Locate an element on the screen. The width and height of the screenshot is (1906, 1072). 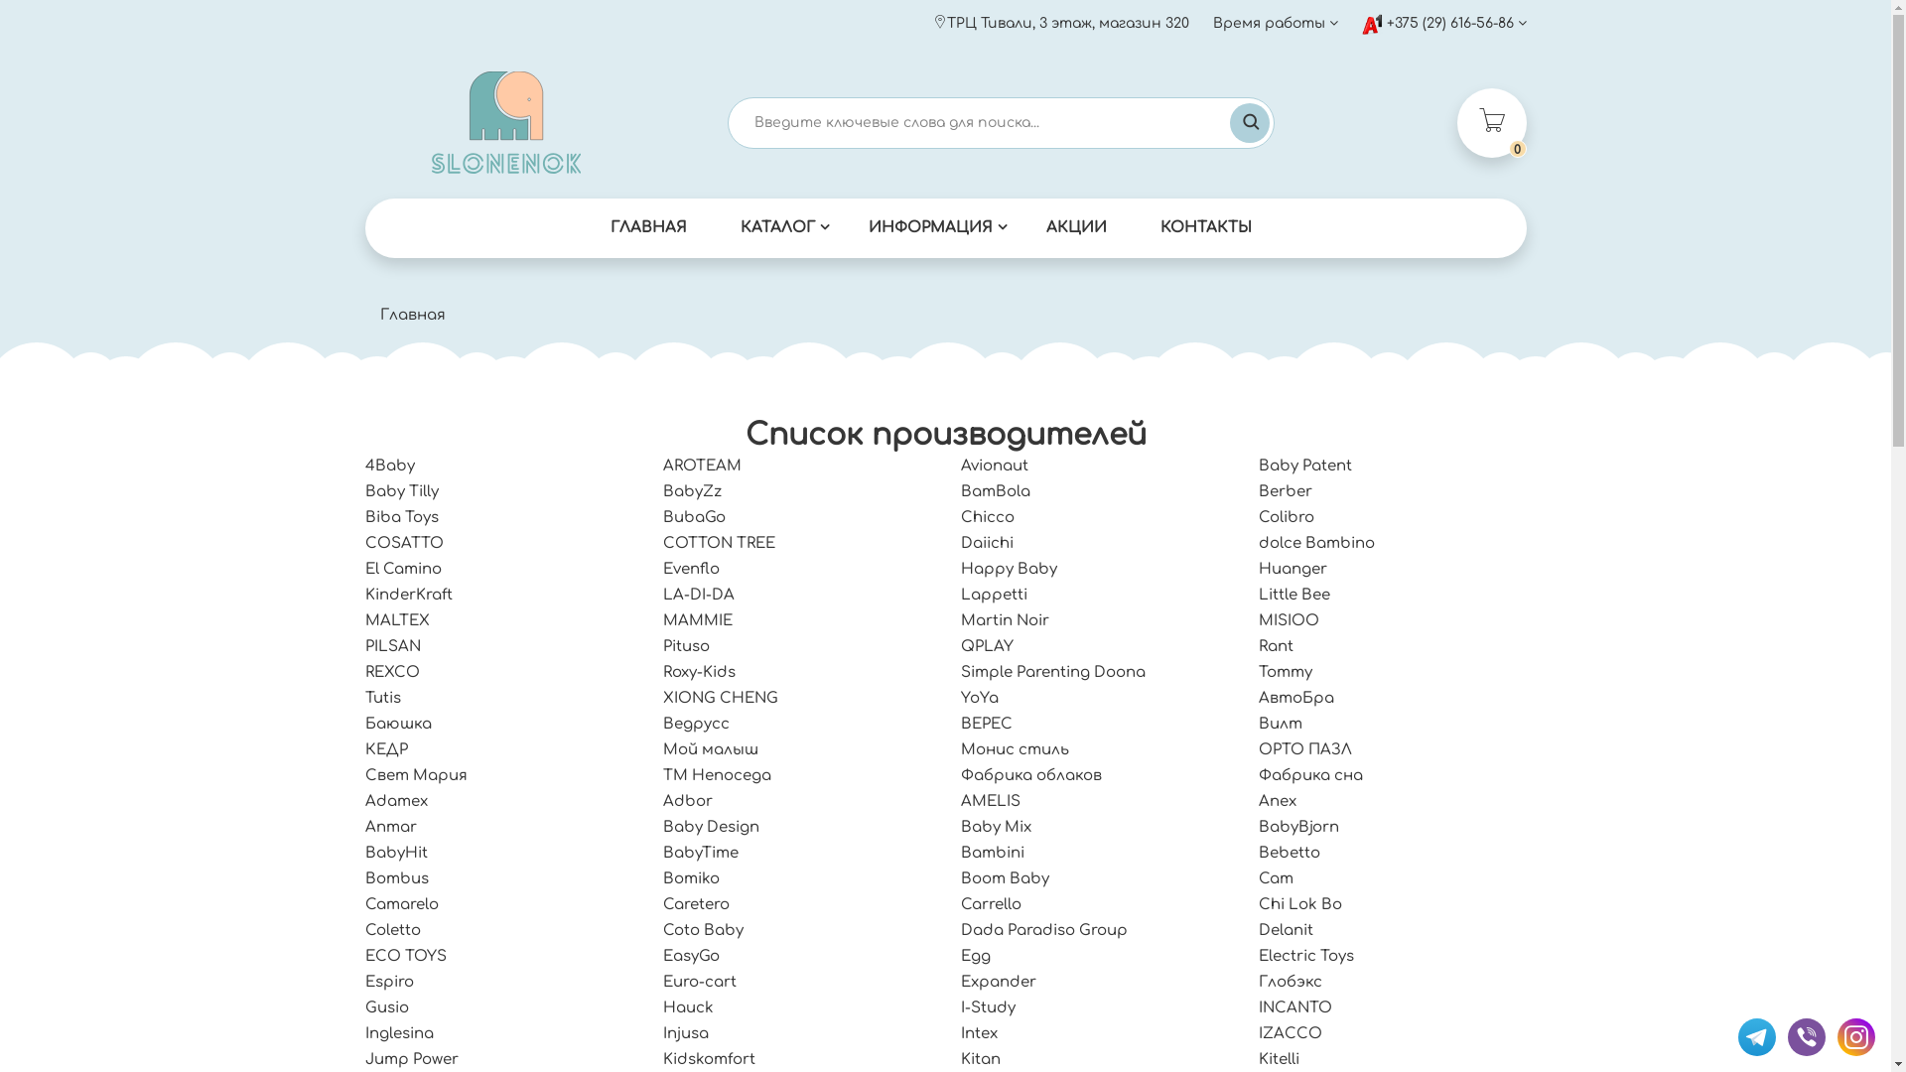
'BabyZz' is located at coordinates (692, 491).